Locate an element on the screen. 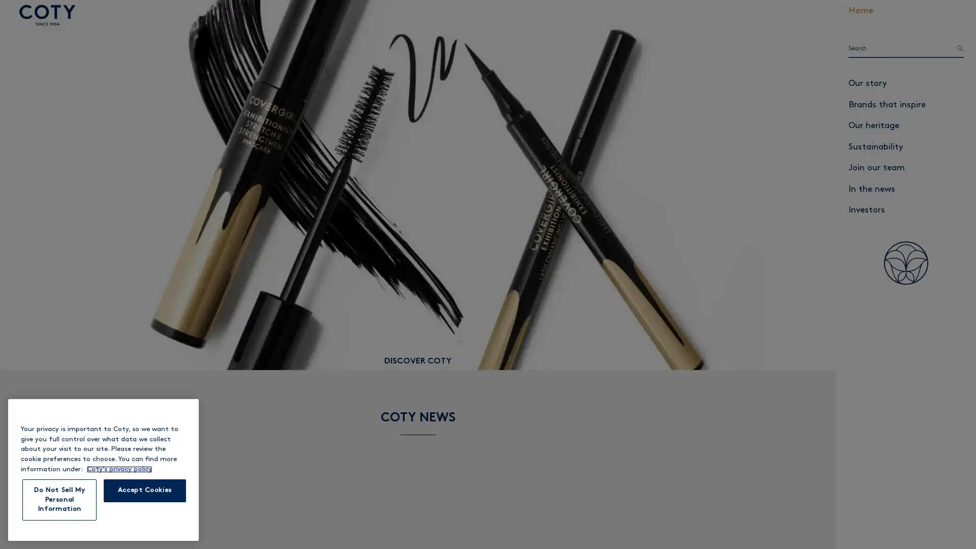 The image size is (976, 549). Do Not Sell My Personal Information is located at coordinates (58, 499).